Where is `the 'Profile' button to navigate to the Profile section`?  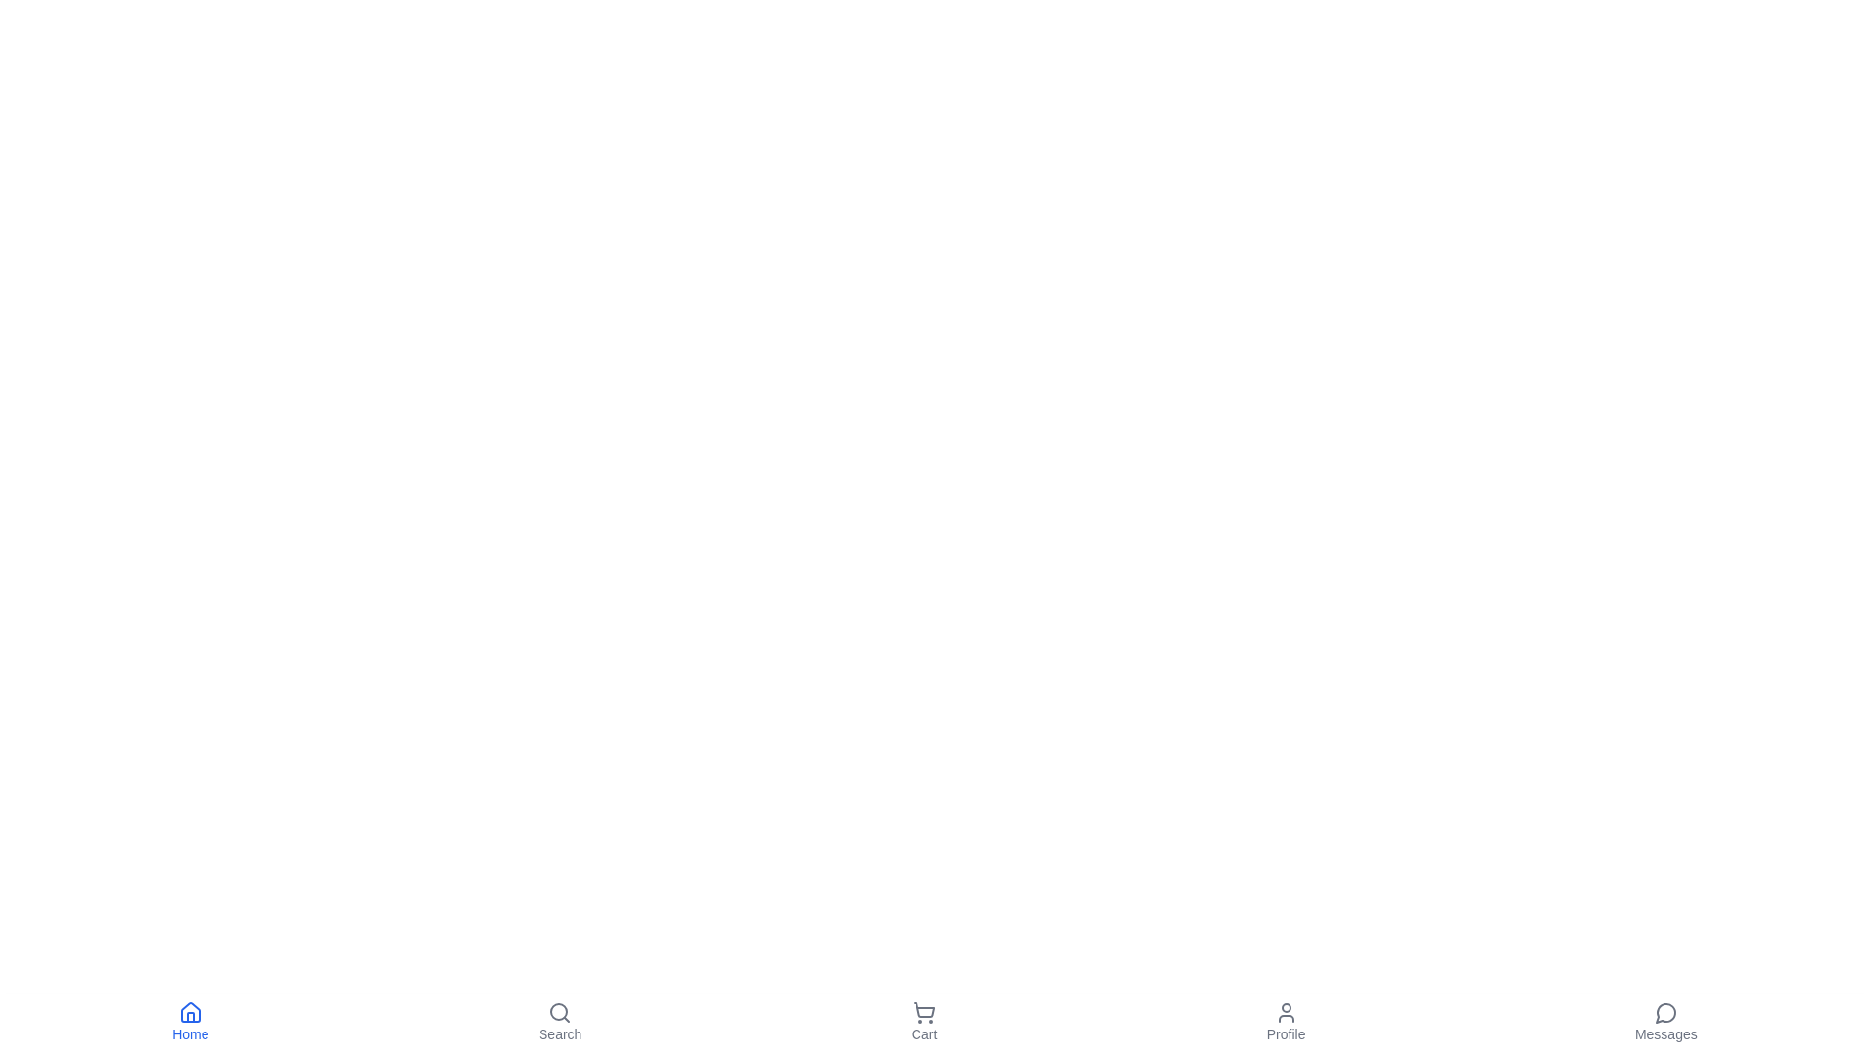
the 'Profile' button to navigate to the Profile section is located at coordinates (1286, 1021).